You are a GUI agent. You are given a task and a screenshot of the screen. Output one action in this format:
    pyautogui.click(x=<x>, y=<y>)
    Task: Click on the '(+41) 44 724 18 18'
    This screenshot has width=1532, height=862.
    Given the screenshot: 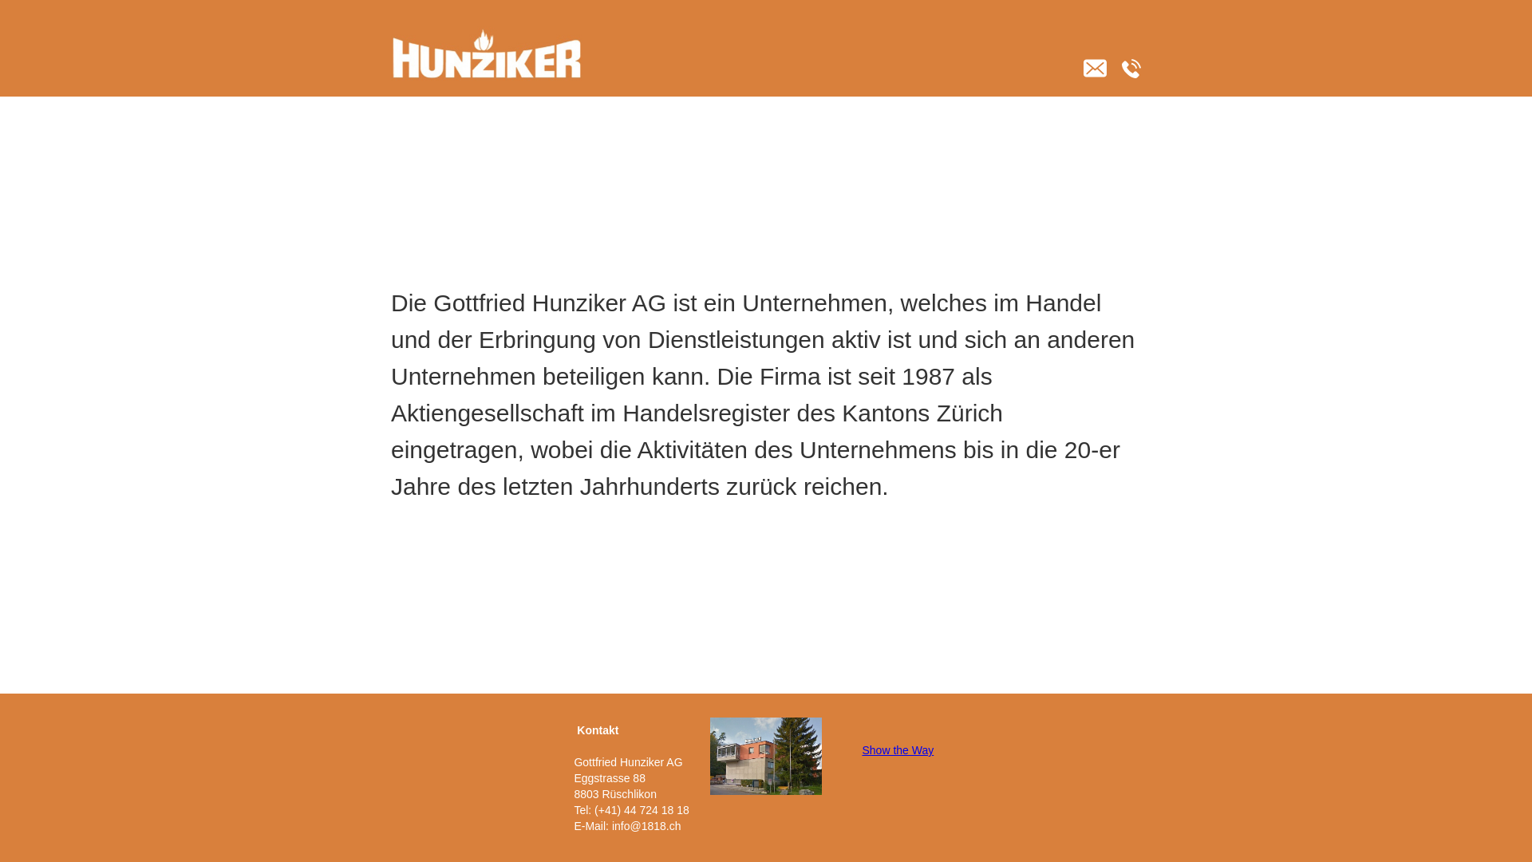 What is the action you would take?
    pyautogui.click(x=642, y=809)
    